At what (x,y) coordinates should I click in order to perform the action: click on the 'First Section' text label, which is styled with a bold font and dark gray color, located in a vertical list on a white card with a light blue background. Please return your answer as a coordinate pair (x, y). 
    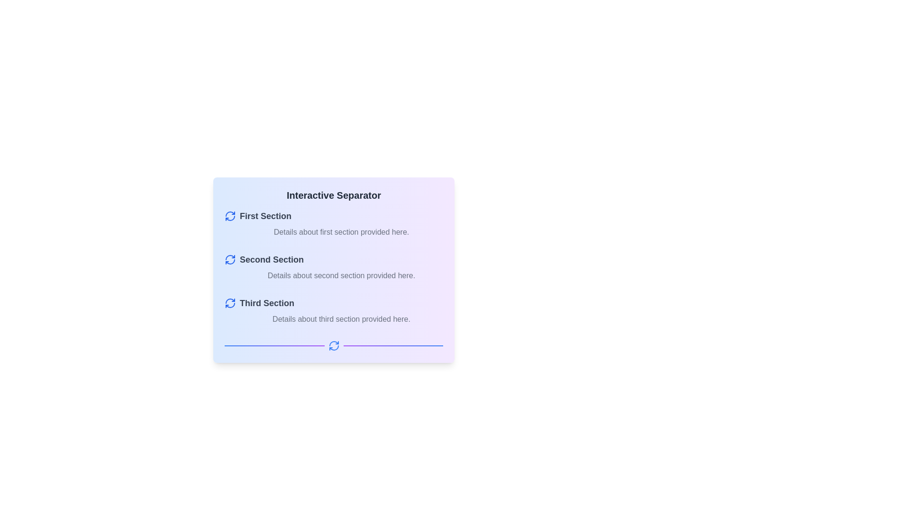
    Looking at the image, I should click on (265, 216).